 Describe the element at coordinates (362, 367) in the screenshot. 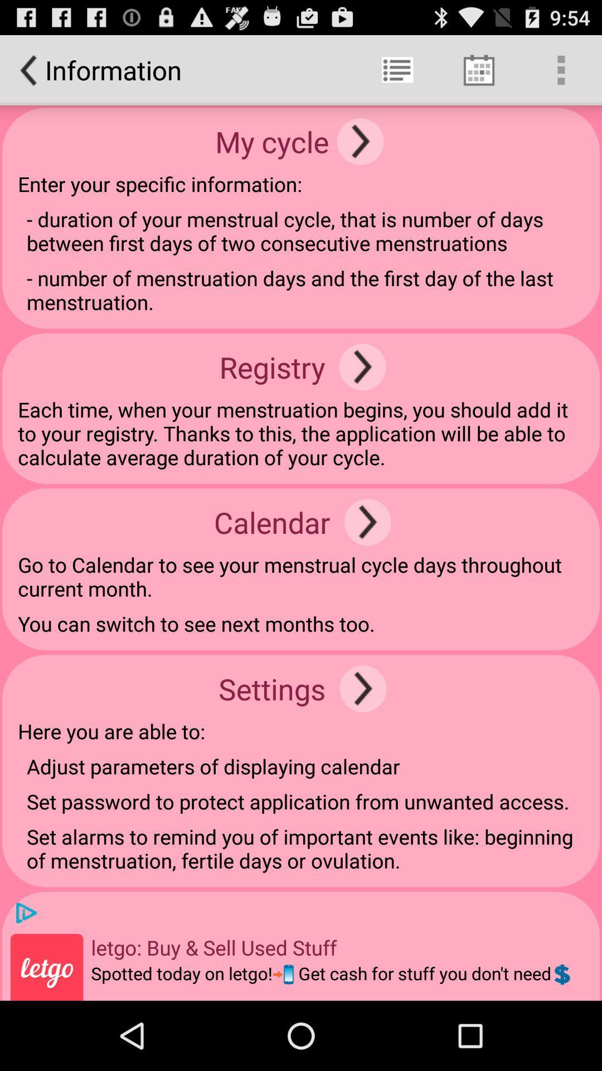

I see `registry` at that location.